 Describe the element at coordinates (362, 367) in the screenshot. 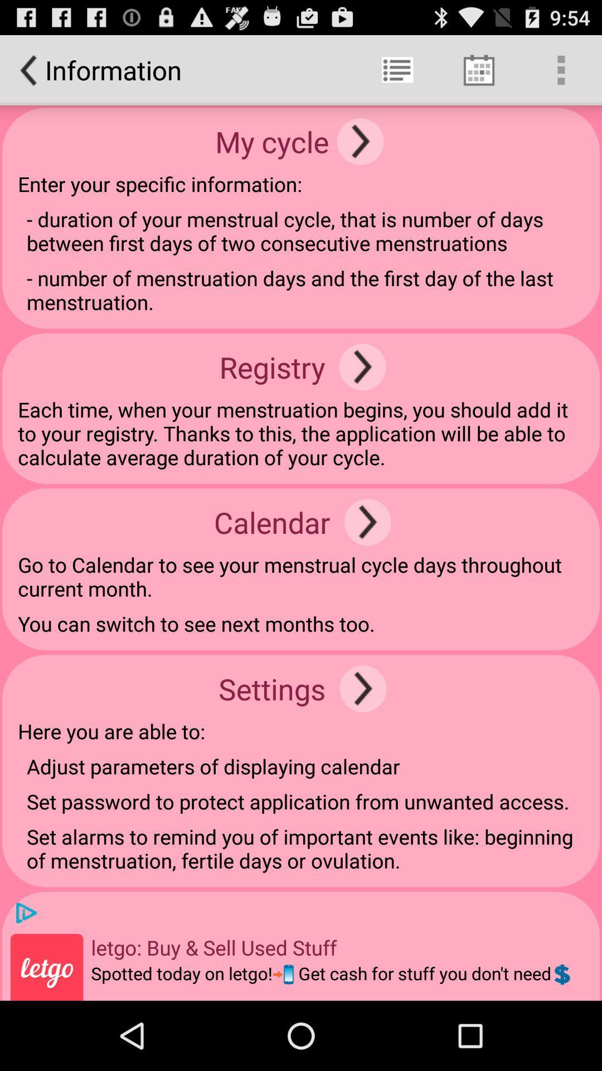

I see `registry` at that location.